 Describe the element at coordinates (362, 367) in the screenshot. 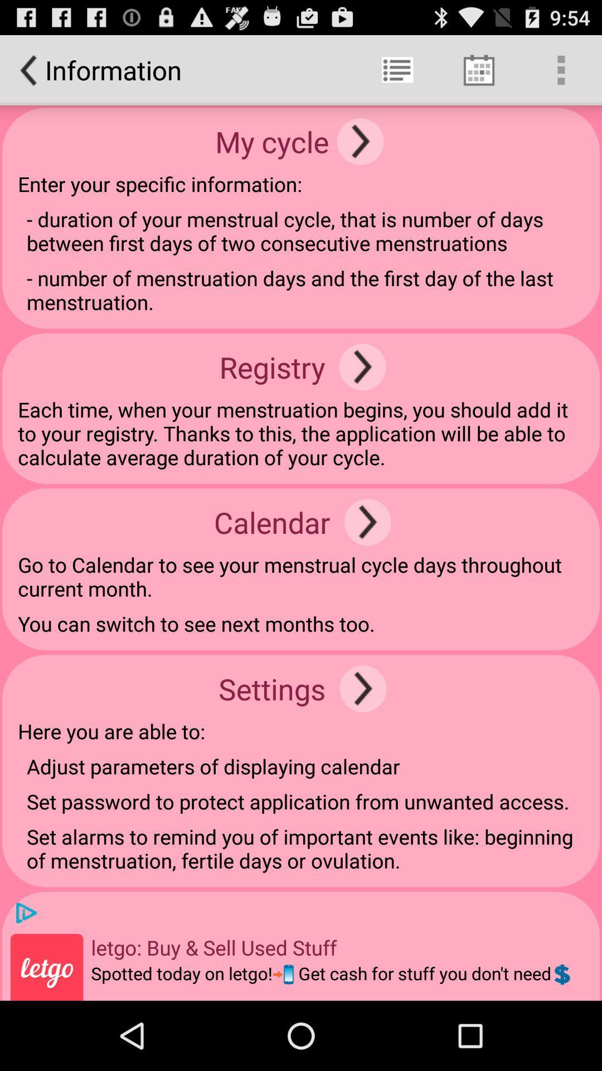

I see `registry` at that location.